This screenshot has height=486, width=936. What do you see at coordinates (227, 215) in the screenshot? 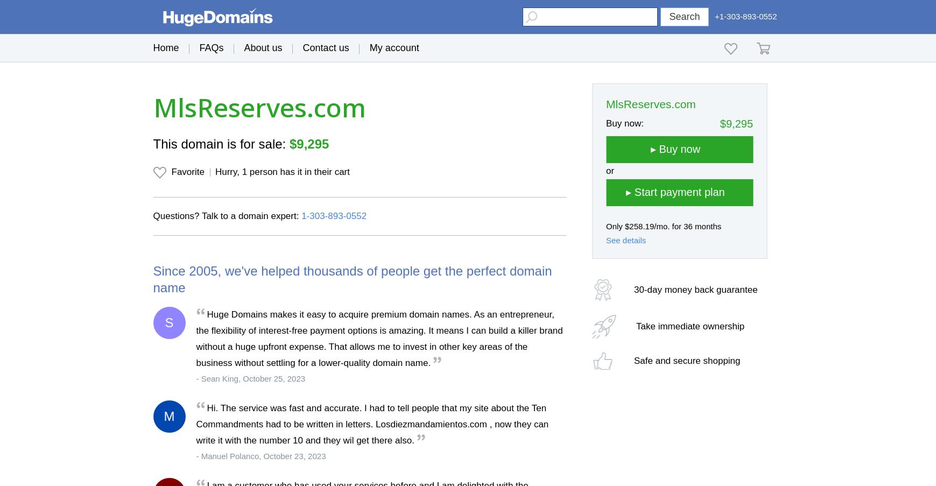
I see `'Questions? Talk to a domain expert:'` at bounding box center [227, 215].